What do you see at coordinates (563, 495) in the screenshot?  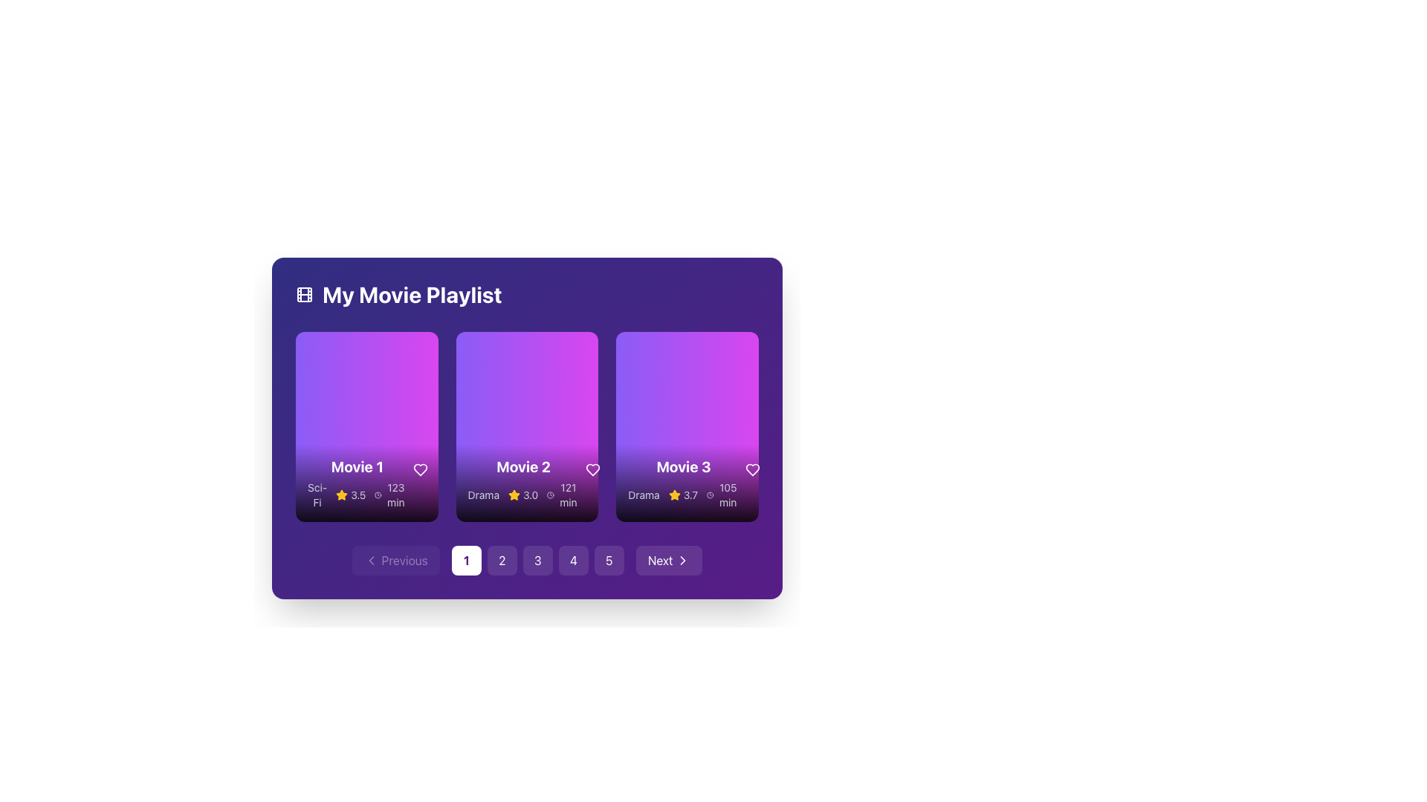 I see `the static informational text displaying the runtime of 'Movie 2' located in the second column of the movie grid, below the genre 'Drama' and rating '3.0', adjacent to a star icon` at bounding box center [563, 495].